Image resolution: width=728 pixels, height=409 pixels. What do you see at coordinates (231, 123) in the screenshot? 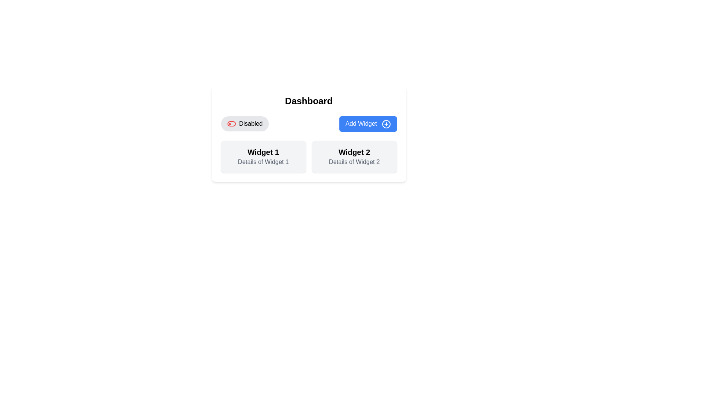
I see `the red circular toggle icon indicating the disabled status, located to the left of the text 'Disabled'` at bounding box center [231, 123].